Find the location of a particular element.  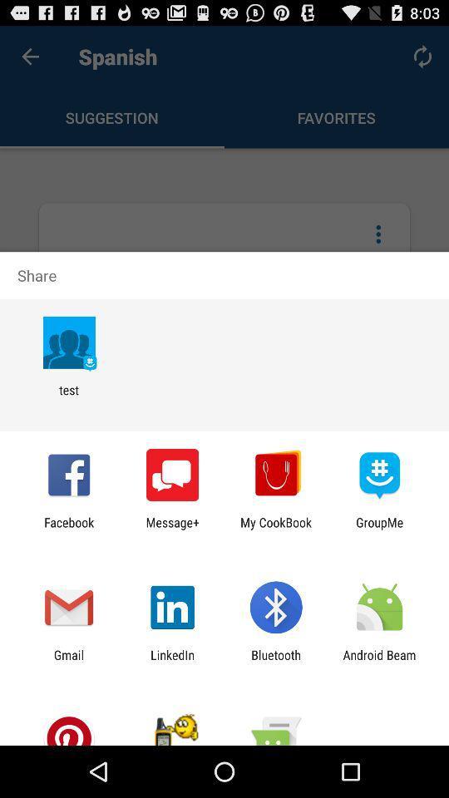

the app next to facebook app is located at coordinates (171, 529).